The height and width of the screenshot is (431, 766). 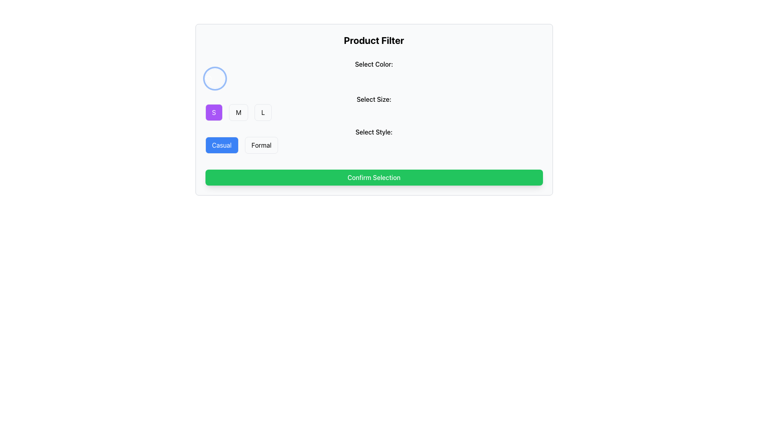 What do you see at coordinates (208, 78) in the screenshot?
I see `the SVG Icon located near the top-left area of the user interface, which is slightly to the left of the 'Select Color' label and has a red circular background` at bounding box center [208, 78].